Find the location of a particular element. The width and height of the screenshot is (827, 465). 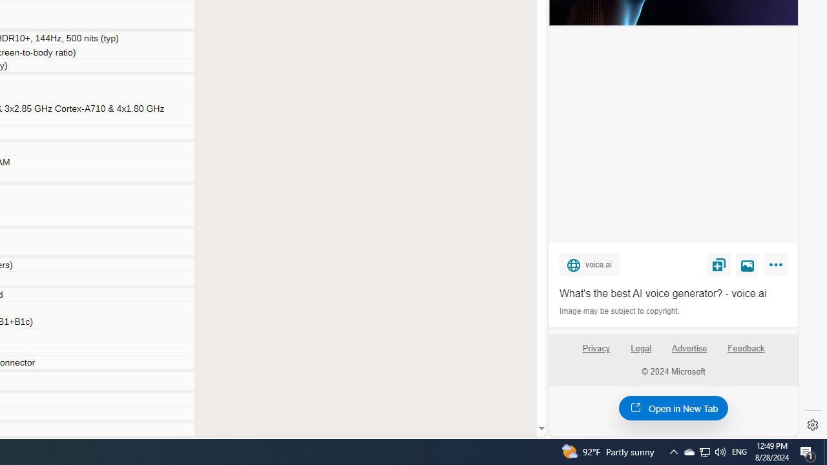

'Image may be subject to copyright.' is located at coordinates (620, 311).